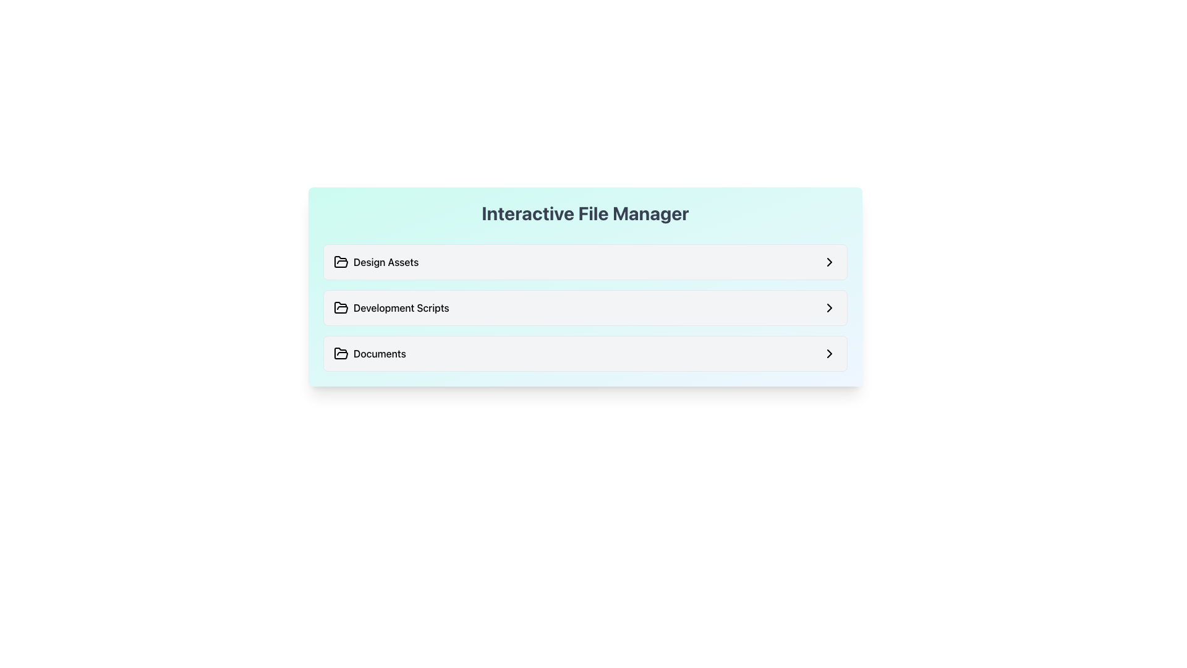 This screenshot has width=1187, height=668. Describe the element at coordinates (341, 353) in the screenshot. I see `the open folder icon representing the 'Documents' folder, located to the left of its textual label` at that location.